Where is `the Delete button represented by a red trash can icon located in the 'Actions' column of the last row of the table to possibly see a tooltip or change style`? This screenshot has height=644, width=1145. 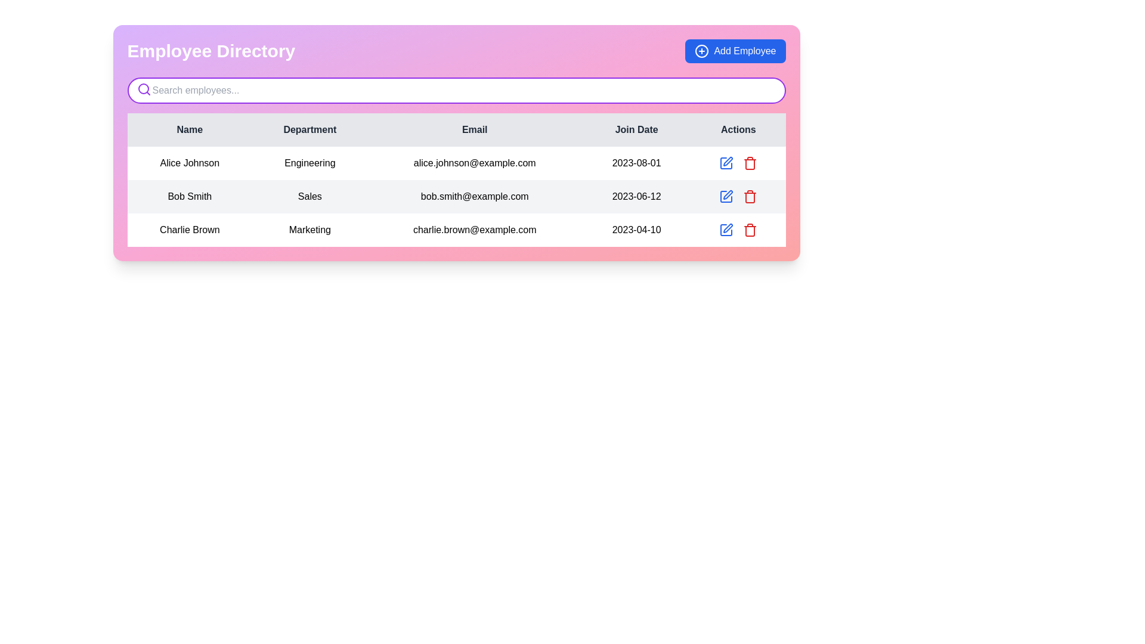
the Delete button represented by a red trash can icon located in the 'Actions' column of the last row of the table to possibly see a tooltip or change style is located at coordinates (750, 196).